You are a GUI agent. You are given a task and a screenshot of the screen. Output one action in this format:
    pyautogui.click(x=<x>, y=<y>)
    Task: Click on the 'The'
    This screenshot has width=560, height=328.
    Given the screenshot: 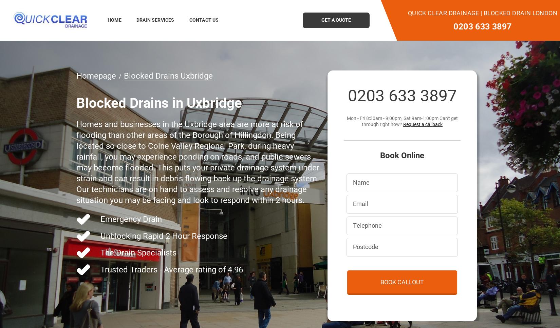 What is the action you would take?
    pyautogui.click(x=108, y=252)
    